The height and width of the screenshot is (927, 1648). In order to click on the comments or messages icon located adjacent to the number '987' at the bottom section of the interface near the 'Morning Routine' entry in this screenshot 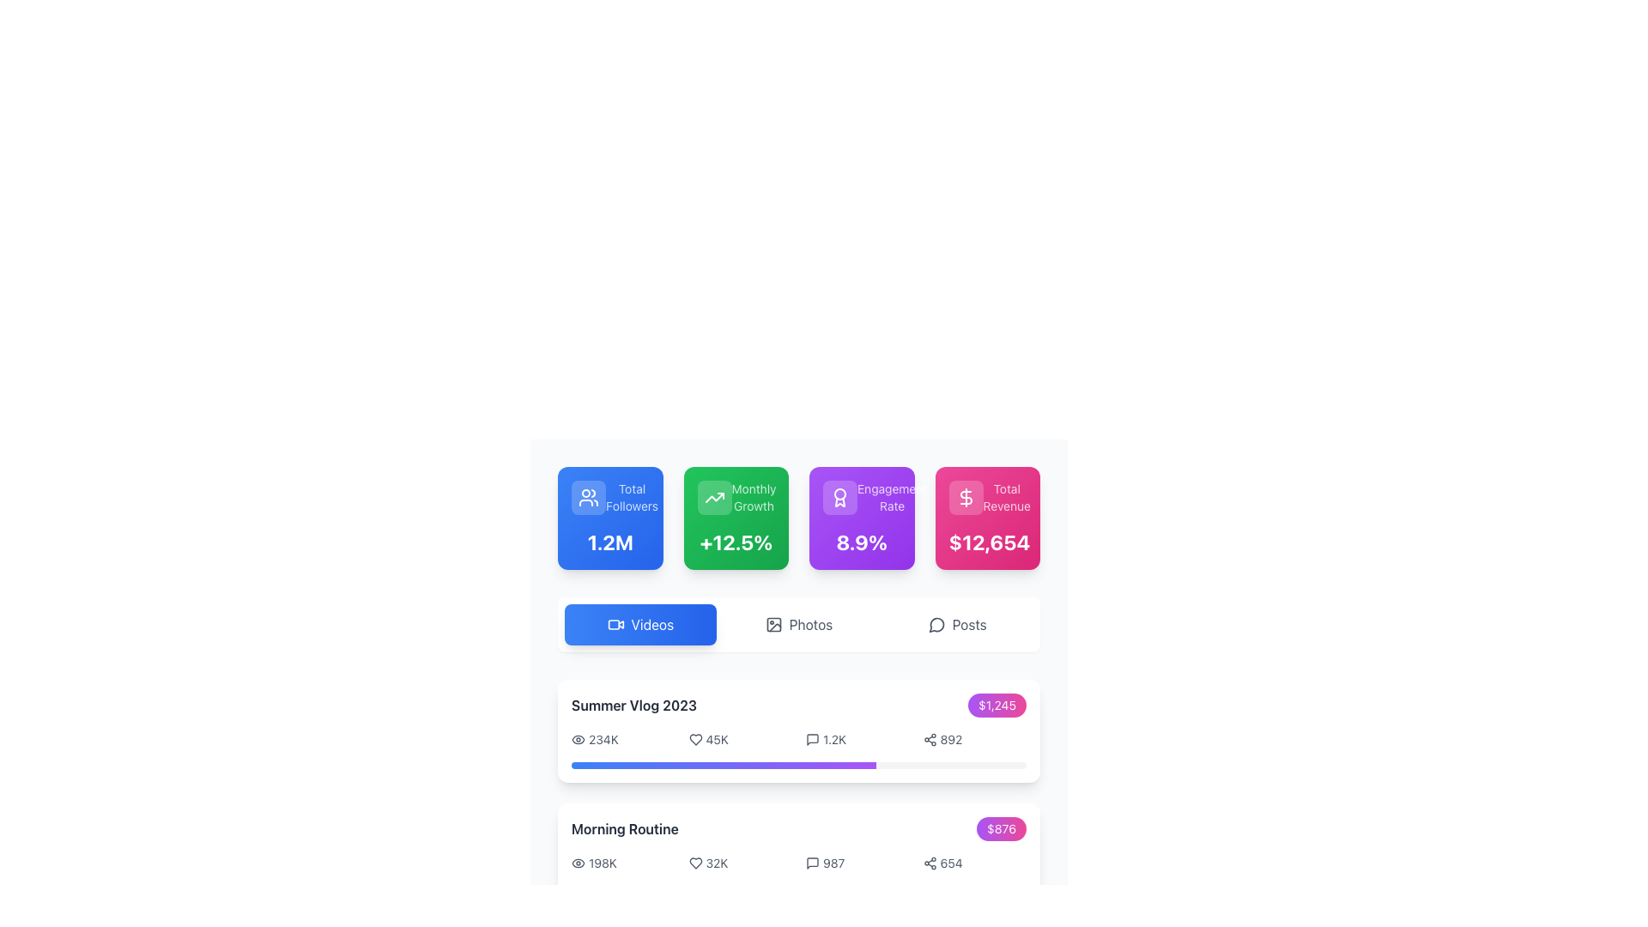, I will do `click(811, 863)`.